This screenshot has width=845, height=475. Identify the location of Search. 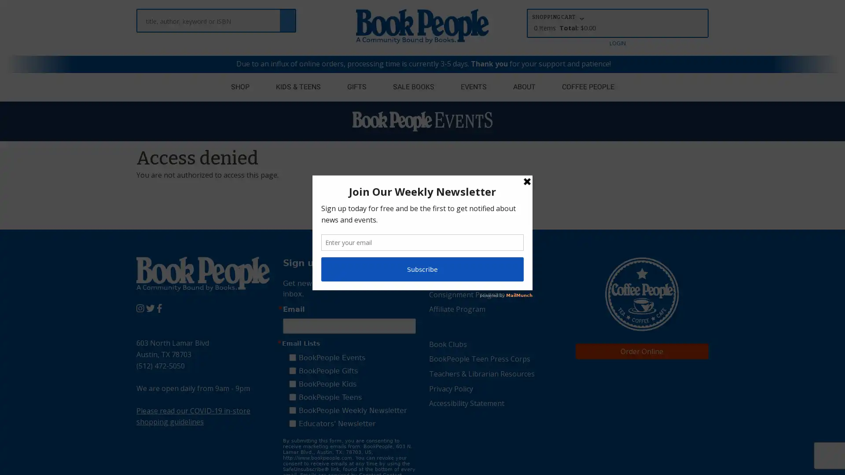
(287, 16).